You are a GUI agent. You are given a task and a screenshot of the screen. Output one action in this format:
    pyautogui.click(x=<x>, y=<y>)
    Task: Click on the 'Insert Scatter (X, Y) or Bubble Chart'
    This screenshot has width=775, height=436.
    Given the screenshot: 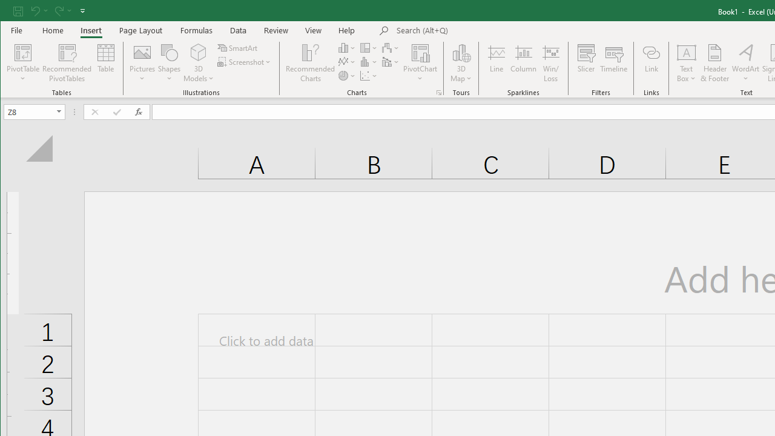 What is the action you would take?
    pyautogui.click(x=368, y=76)
    